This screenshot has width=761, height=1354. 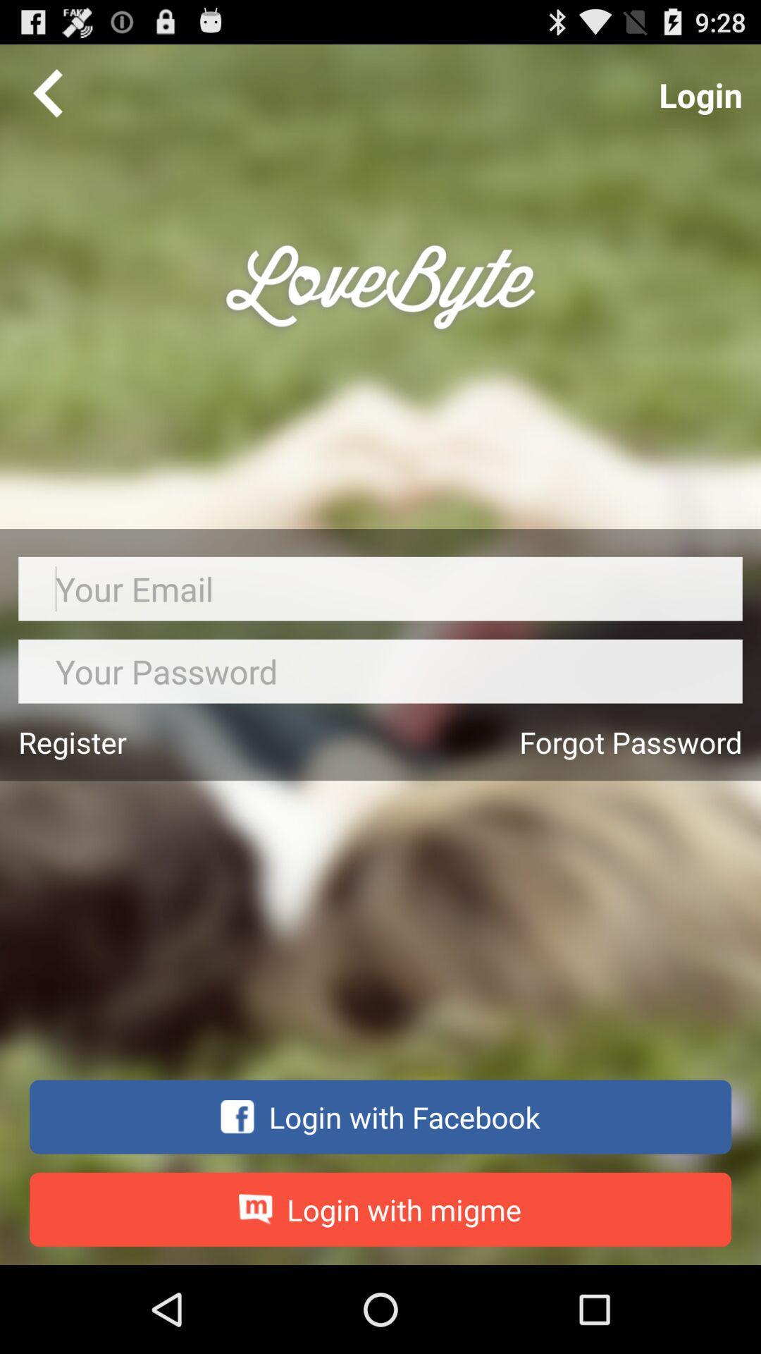 What do you see at coordinates (380, 589) in the screenshot?
I see `email input field` at bounding box center [380, 589].